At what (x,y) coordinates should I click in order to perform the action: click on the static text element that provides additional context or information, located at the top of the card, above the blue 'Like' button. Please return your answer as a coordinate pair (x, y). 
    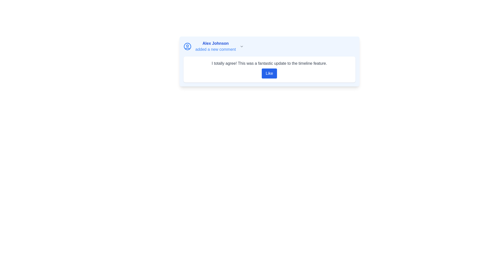
    Looking at the image, I should click on (269, 63).